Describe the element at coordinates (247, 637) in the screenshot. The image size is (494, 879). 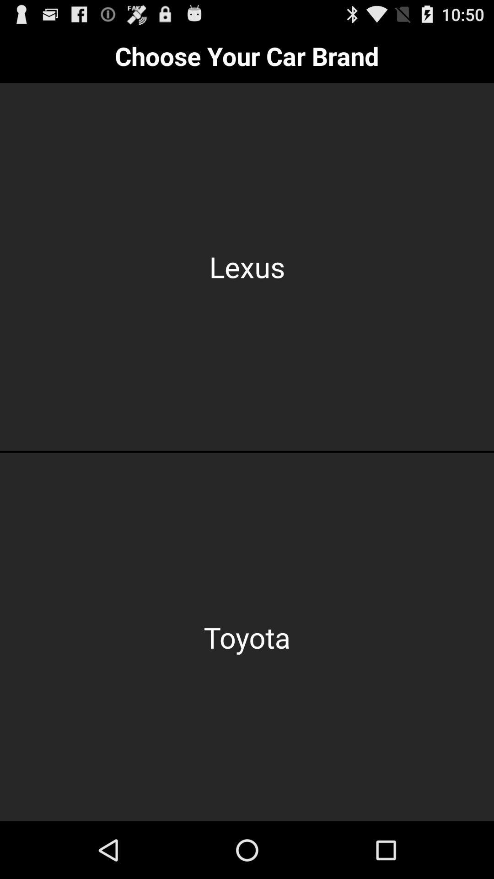
I see `item at the bottom` at that location.